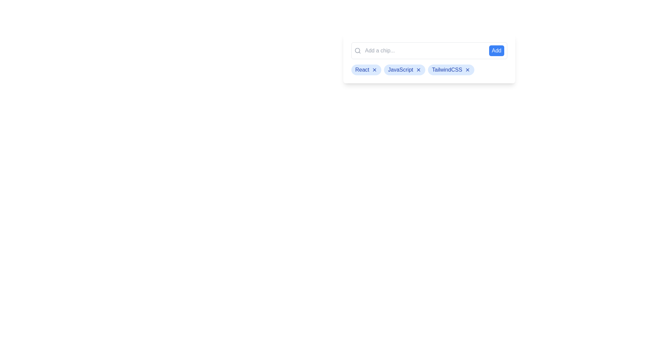 The image size is (645, 363). I want to click on the chip labeled React, so click(366, 70).